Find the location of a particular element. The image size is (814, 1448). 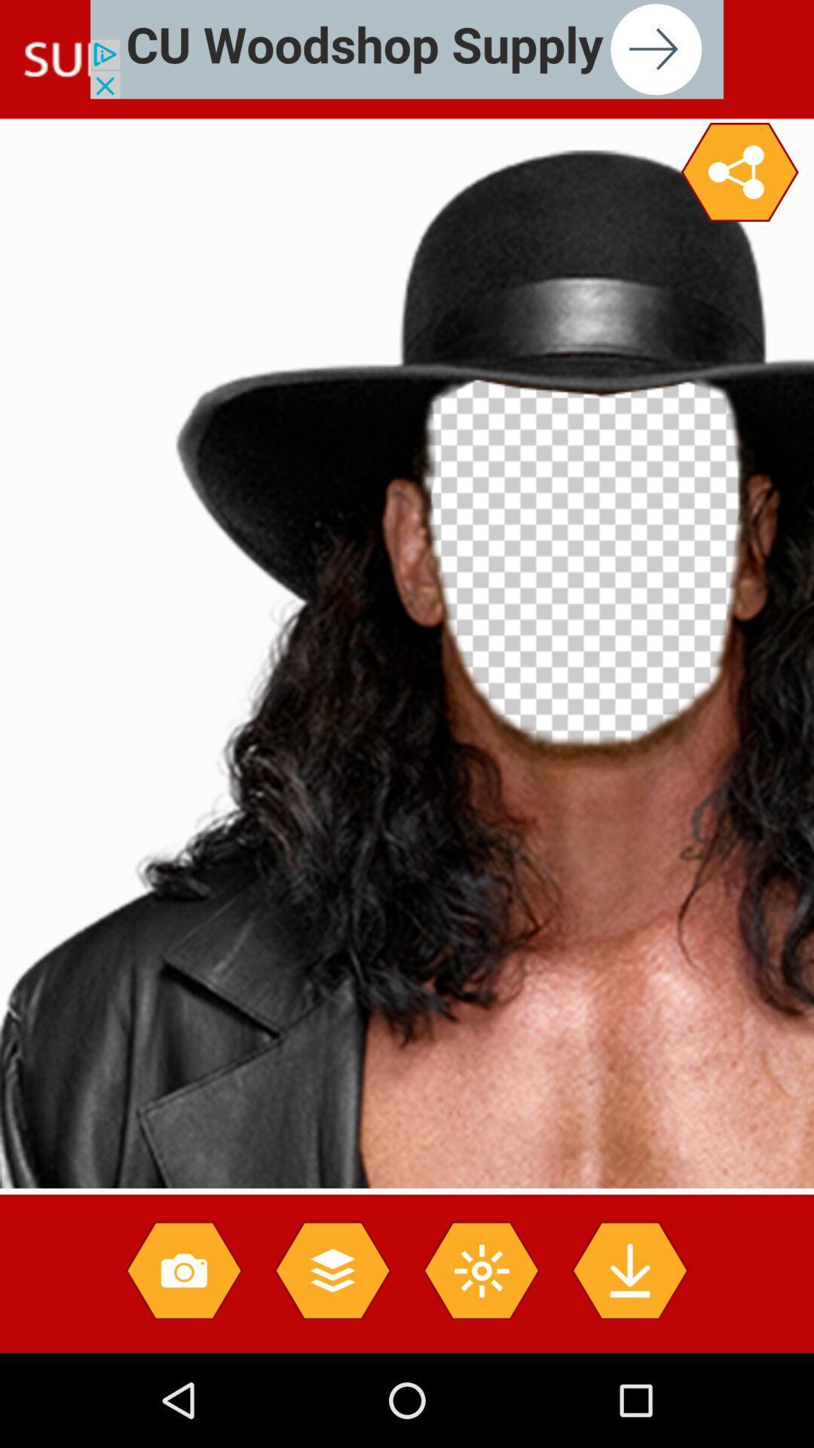

the share icon is located at coordinates (739, 172).